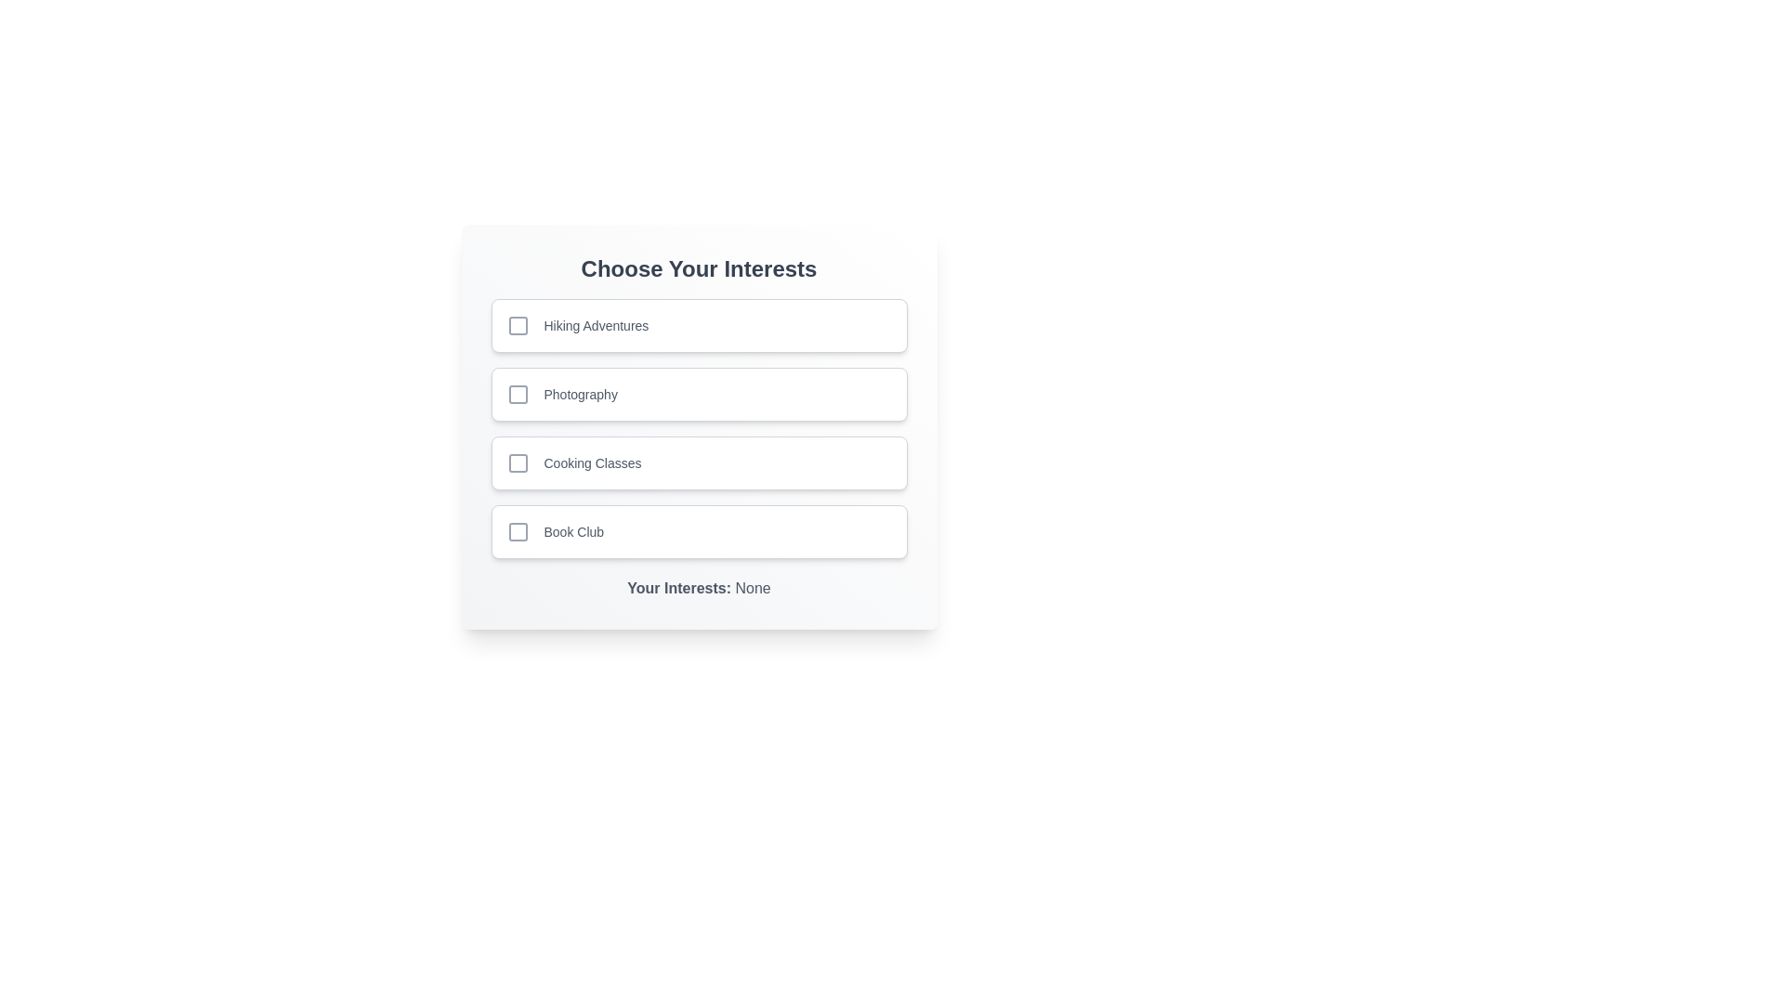  What do you see at coordinates (518, 532) in the screenshot?
I see `the checkbox-like indicator` at bounding box center [518, 532].